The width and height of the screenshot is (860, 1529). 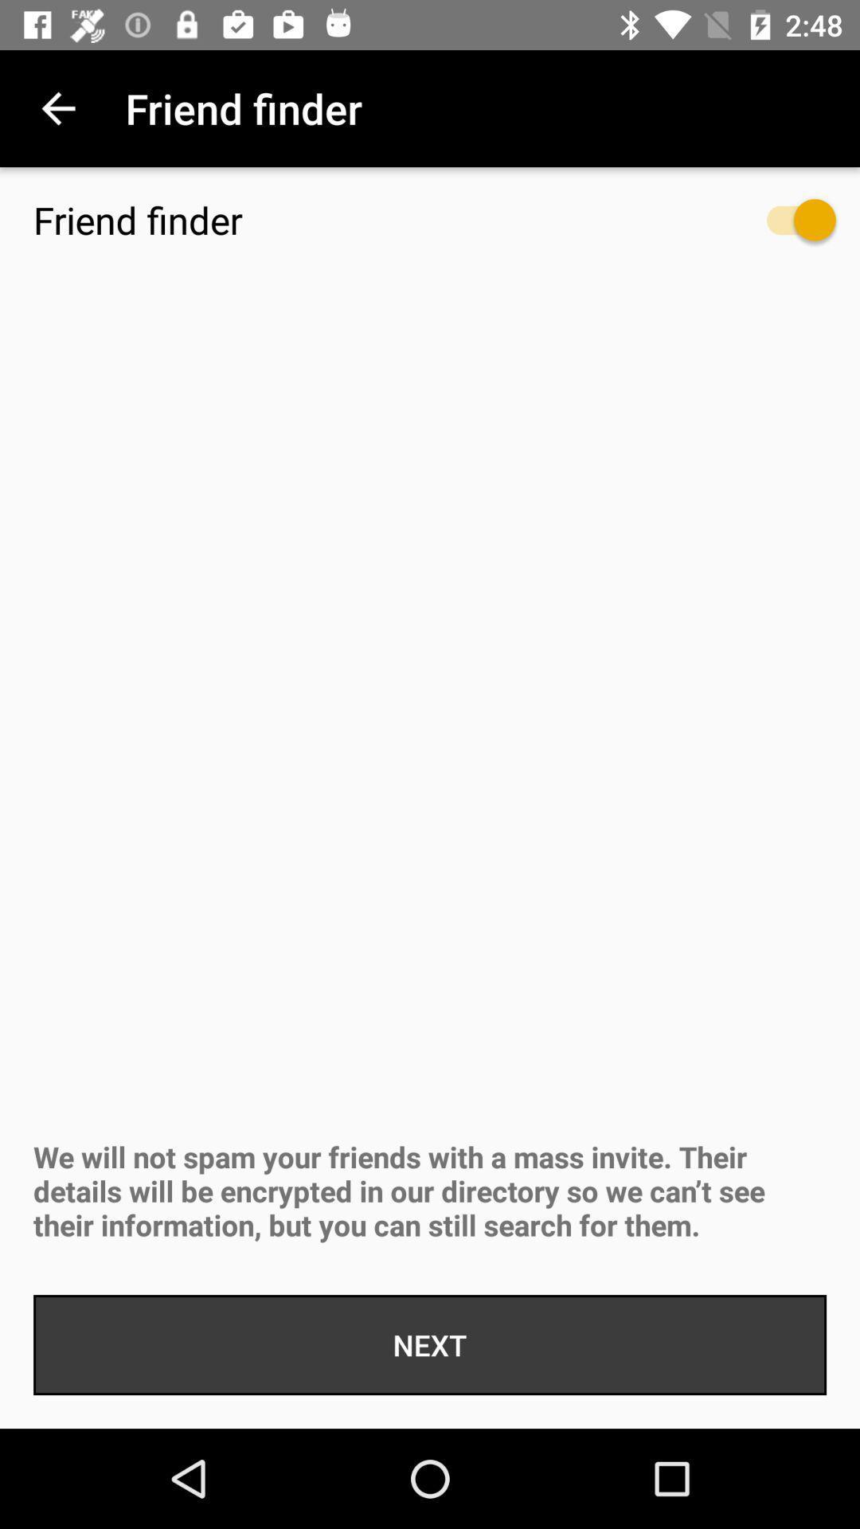 I want to click on item below the enable friend finder item, so click(x=784, y=227).